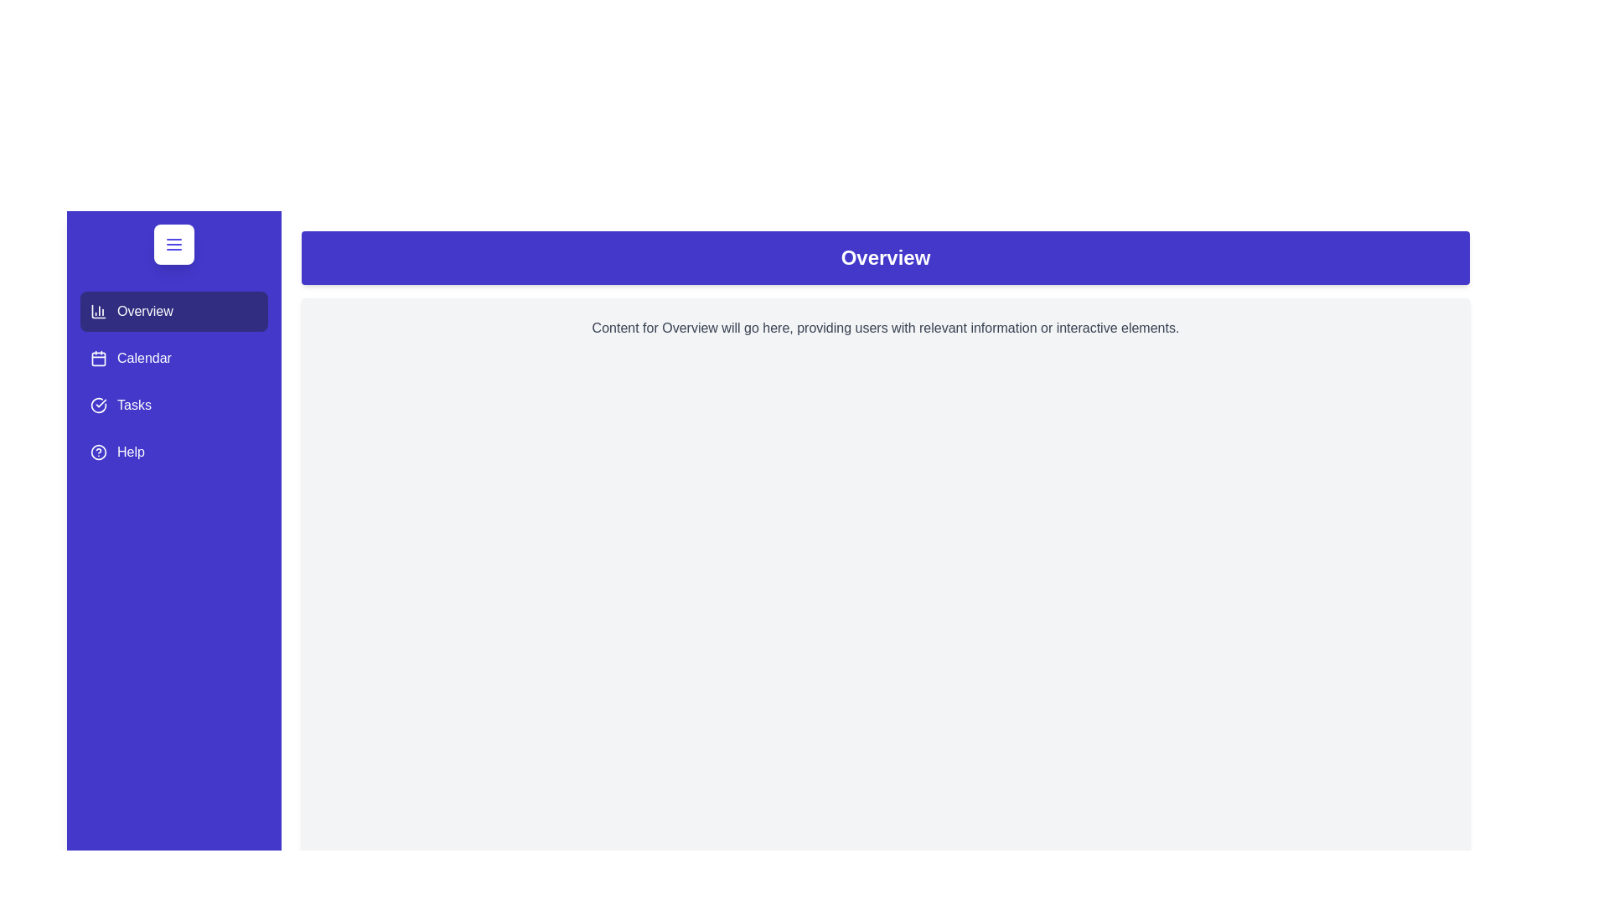 This screenshot has height=905, width=1609. I want to click on menu button to toggle the sidebar menu, so click(173, 245).